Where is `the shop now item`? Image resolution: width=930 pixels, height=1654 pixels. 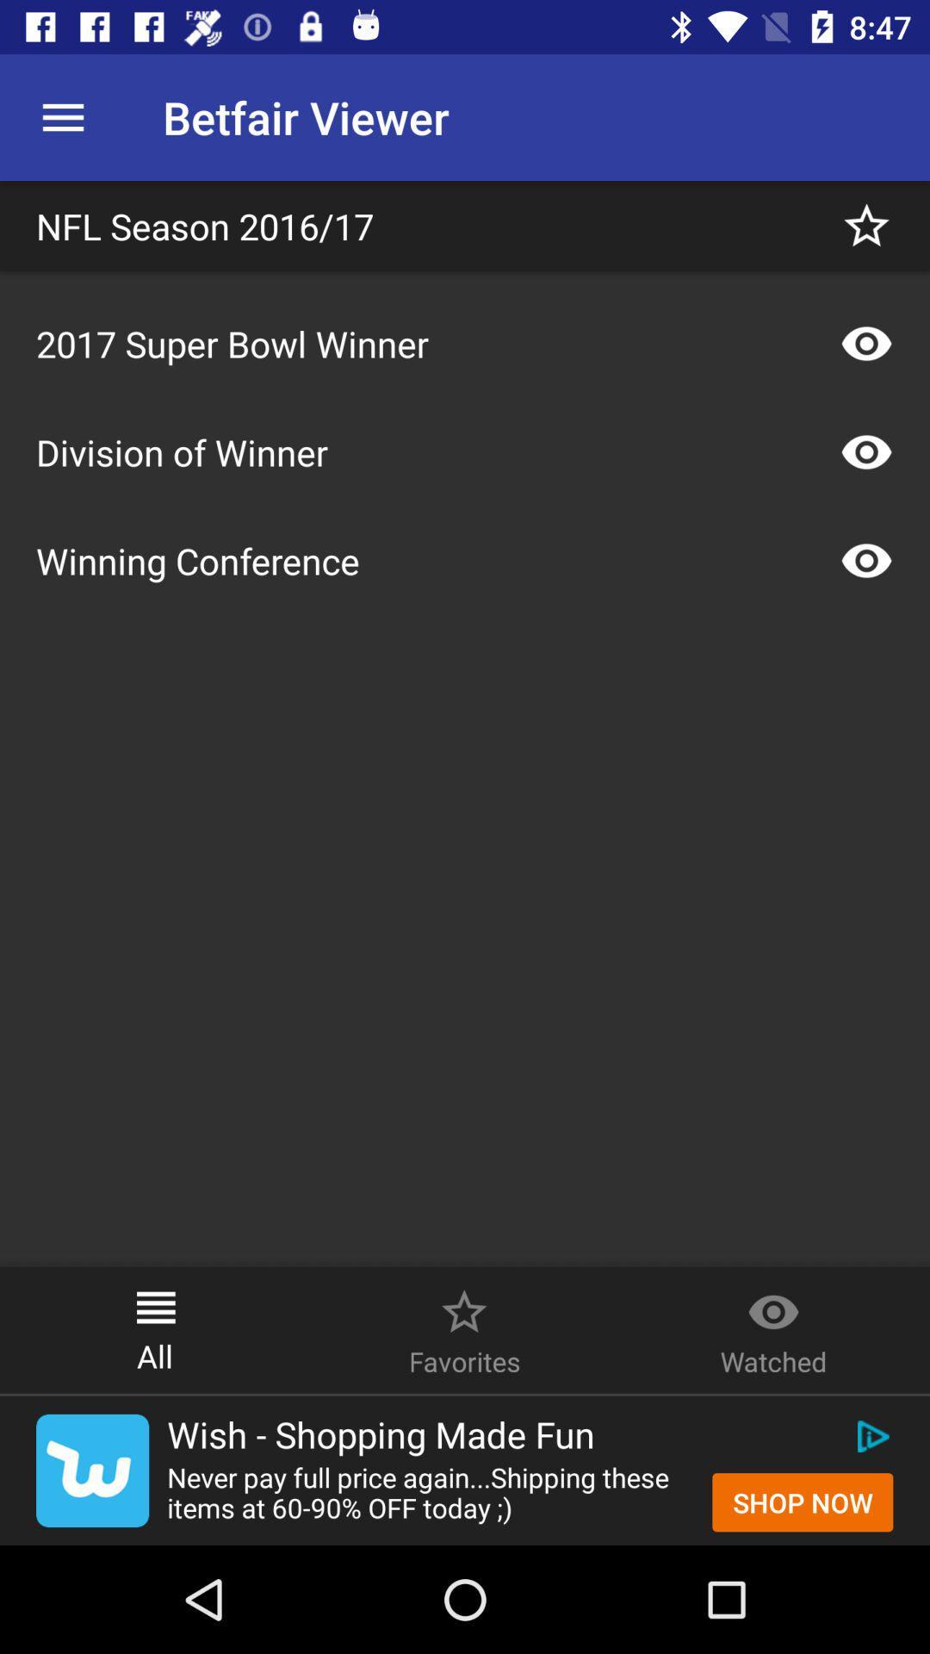
the shop now item is located at coordinates (803, 1502).